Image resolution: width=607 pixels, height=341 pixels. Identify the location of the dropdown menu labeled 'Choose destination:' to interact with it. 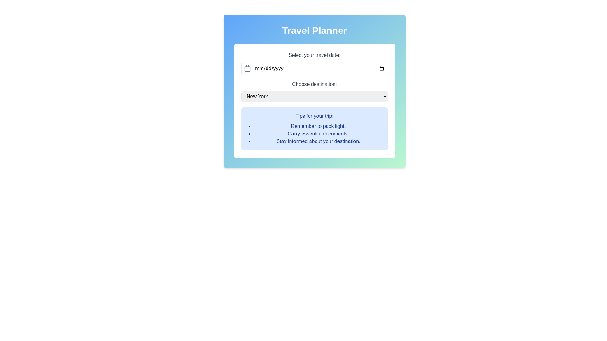
(314, 91).